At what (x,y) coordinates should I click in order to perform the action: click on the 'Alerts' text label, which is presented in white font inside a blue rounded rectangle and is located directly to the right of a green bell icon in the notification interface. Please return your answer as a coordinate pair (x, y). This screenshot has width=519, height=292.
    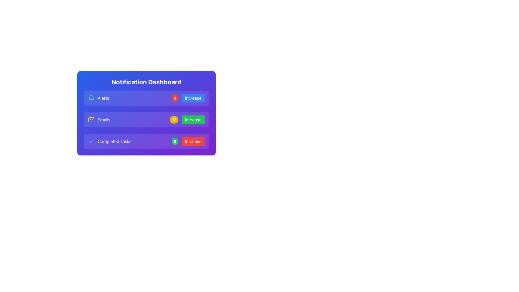
    Looking at the image, I should click on (98, 98).